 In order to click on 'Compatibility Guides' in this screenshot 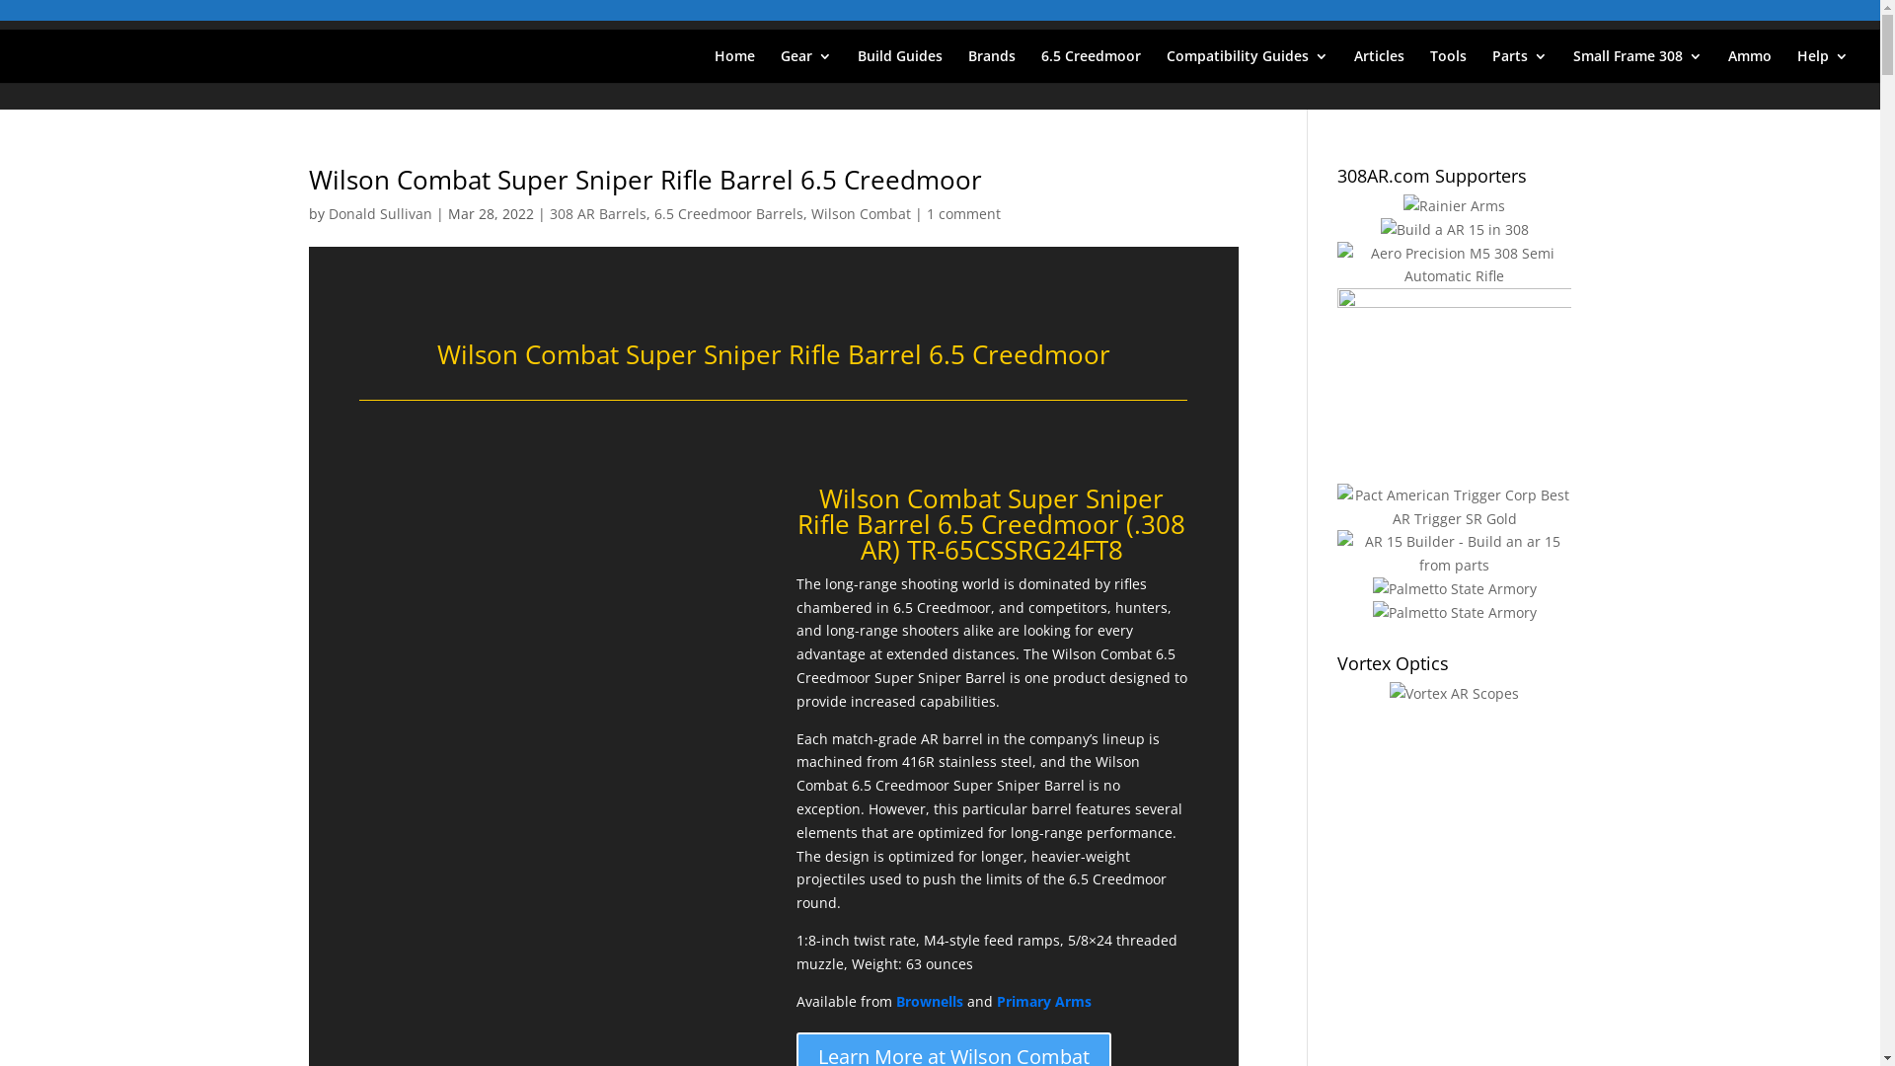, I will do `click(1246, 64)`.